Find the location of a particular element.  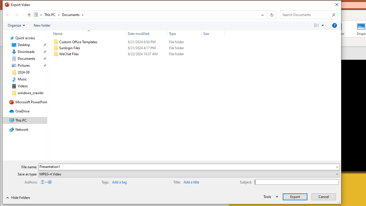

'Filter dropdown' is located at coordinates (222, 33).